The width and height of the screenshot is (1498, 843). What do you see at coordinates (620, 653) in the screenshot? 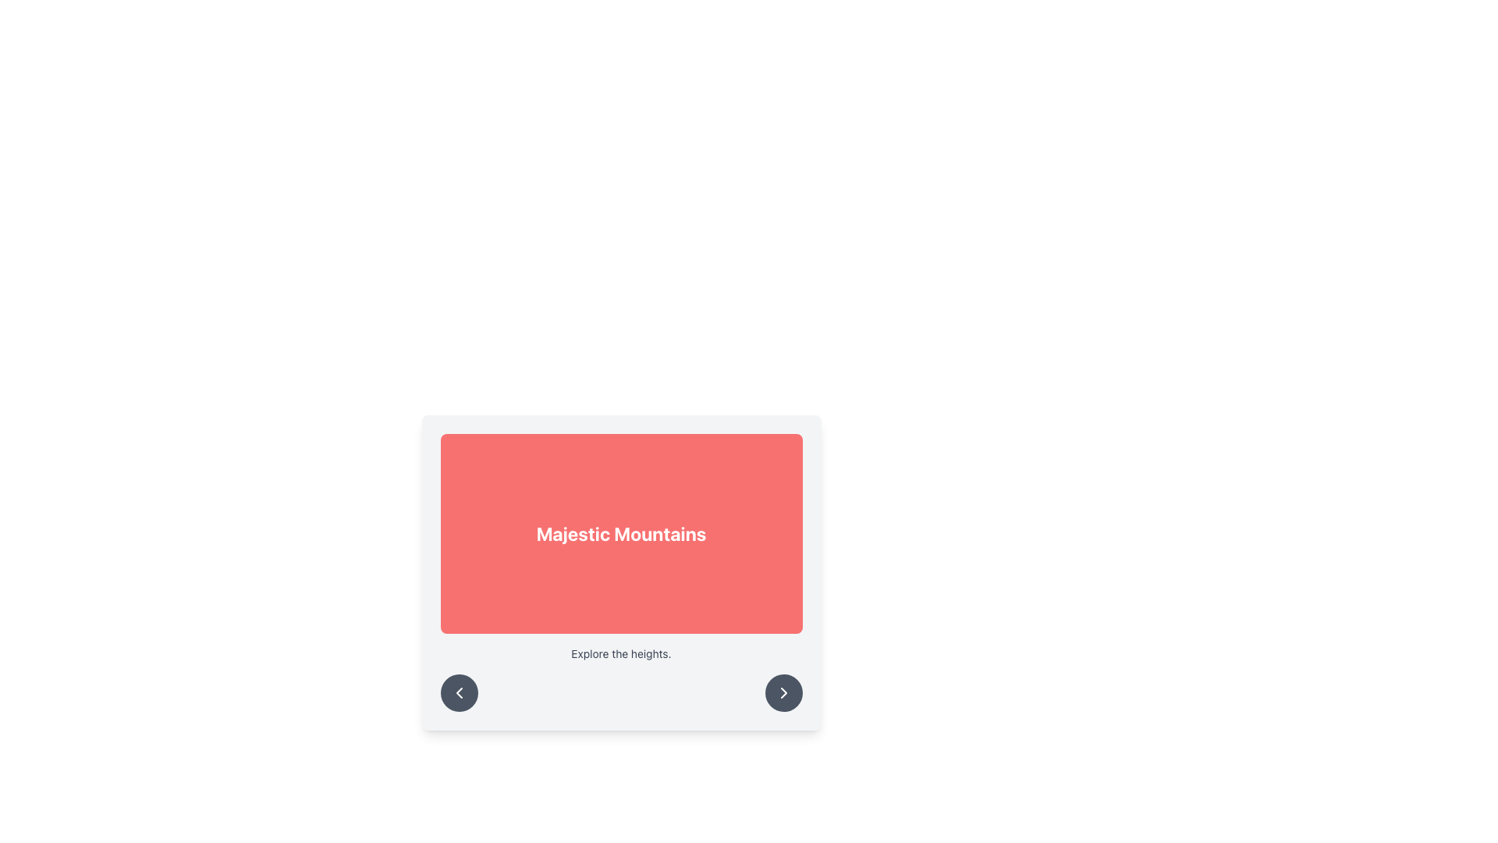
I see `the text label providing context for 'Majestic Mountains', located directly below the main title and above the circular arrow buttons` at bounding box center [620, 653].